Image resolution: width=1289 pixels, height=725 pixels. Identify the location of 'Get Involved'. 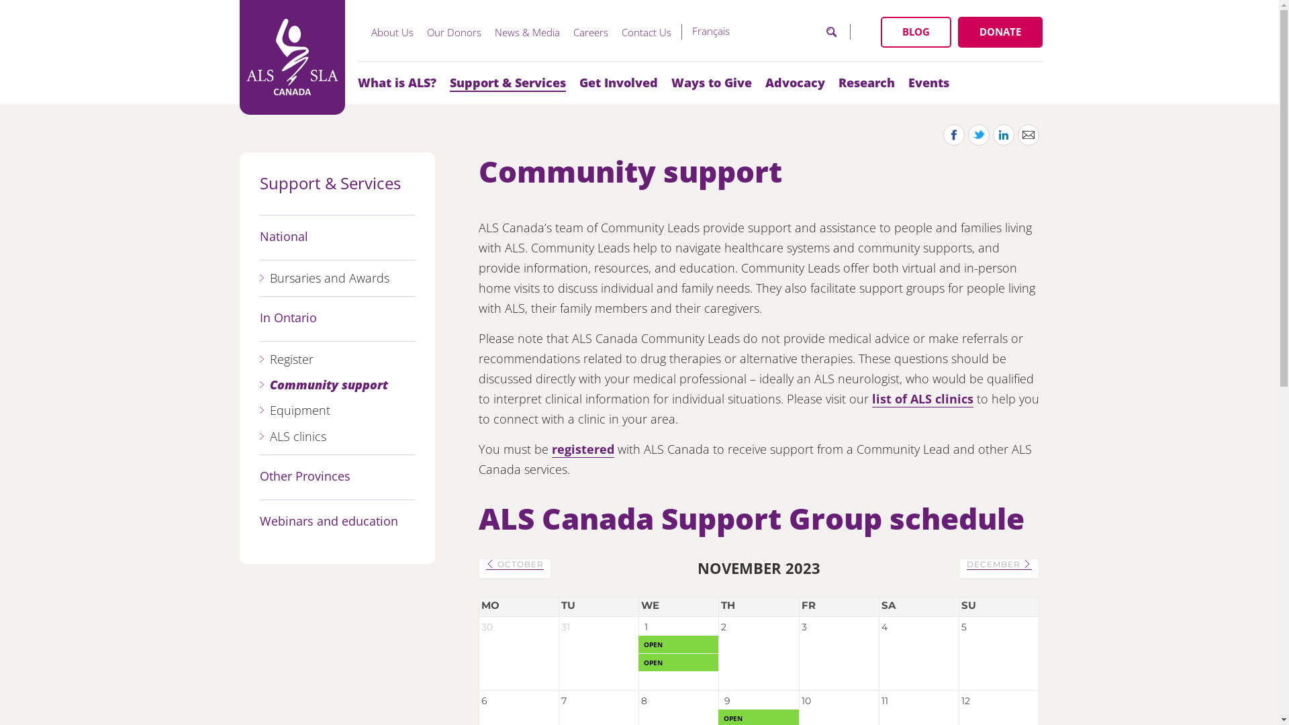
(617, 83).